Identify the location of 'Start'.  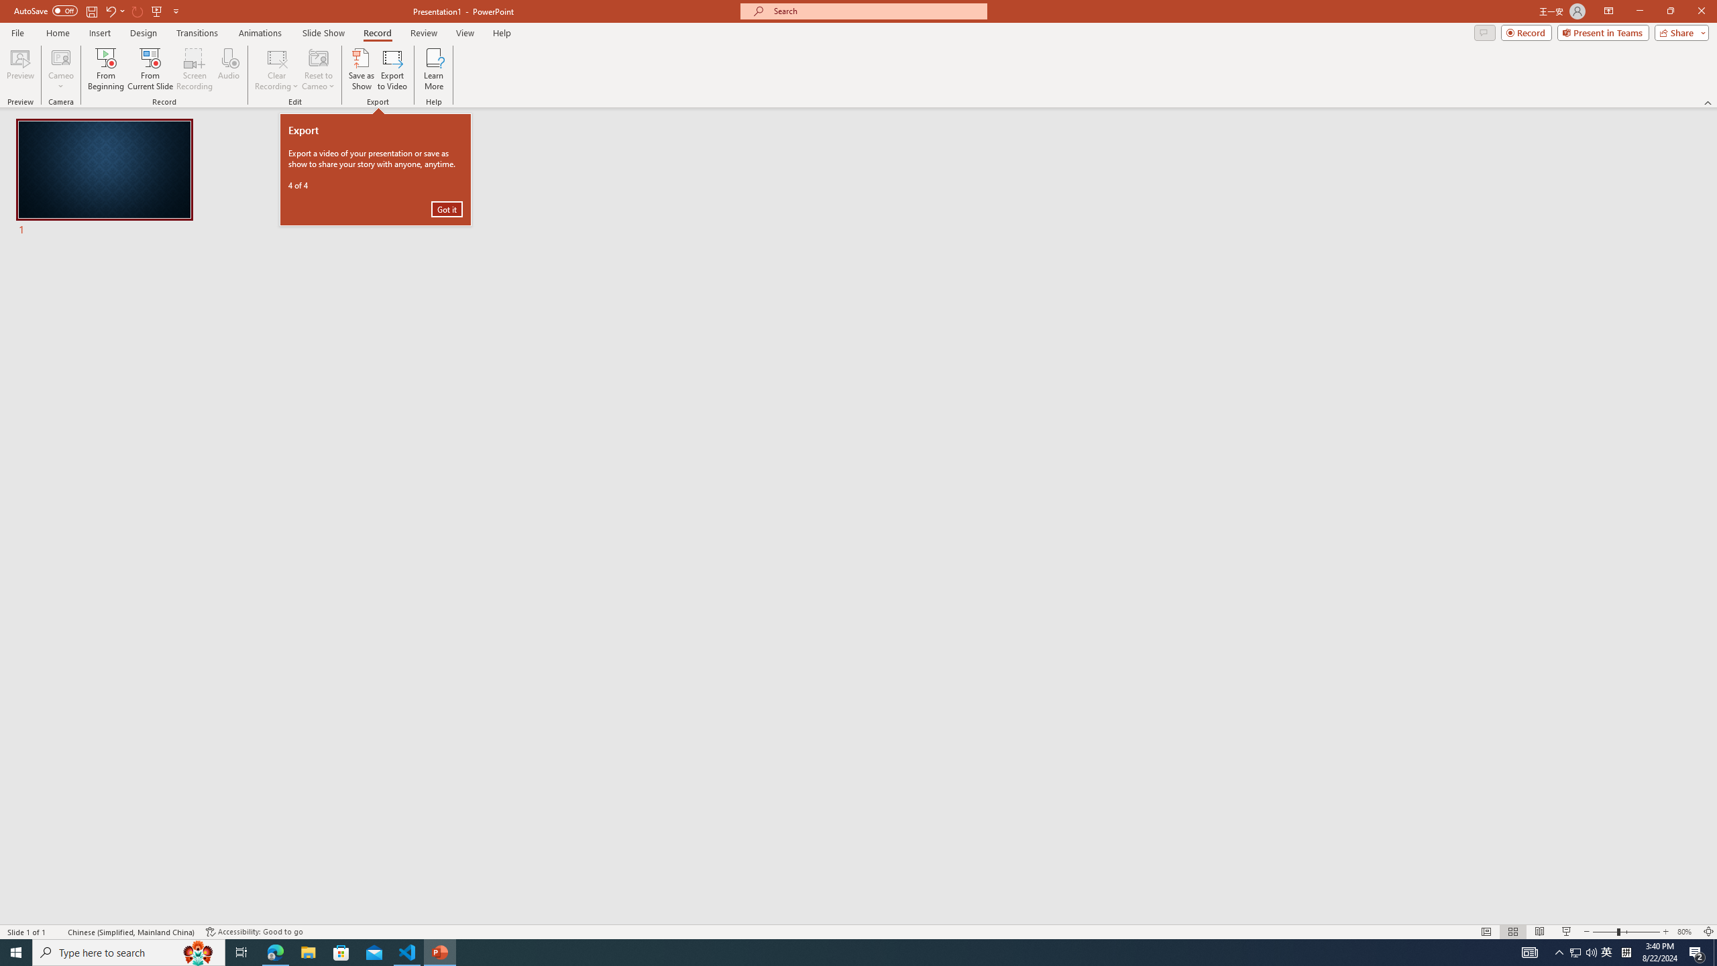
(16, 951).